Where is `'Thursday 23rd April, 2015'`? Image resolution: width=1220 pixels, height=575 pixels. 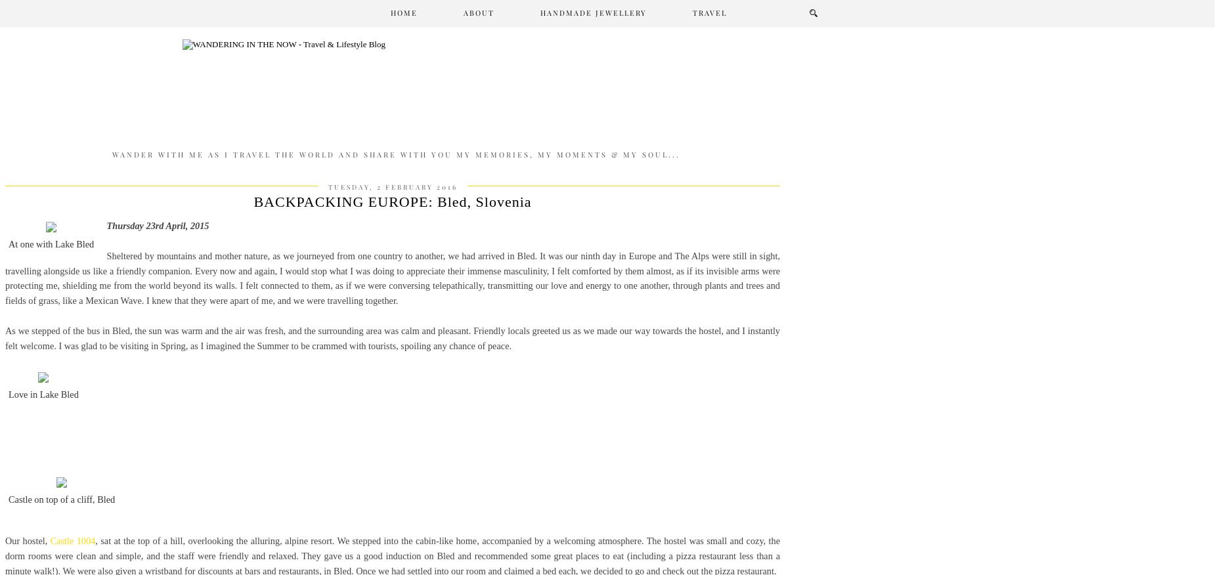 'Thursday 23rd April, 2015' is located at coordinates (157, 224).